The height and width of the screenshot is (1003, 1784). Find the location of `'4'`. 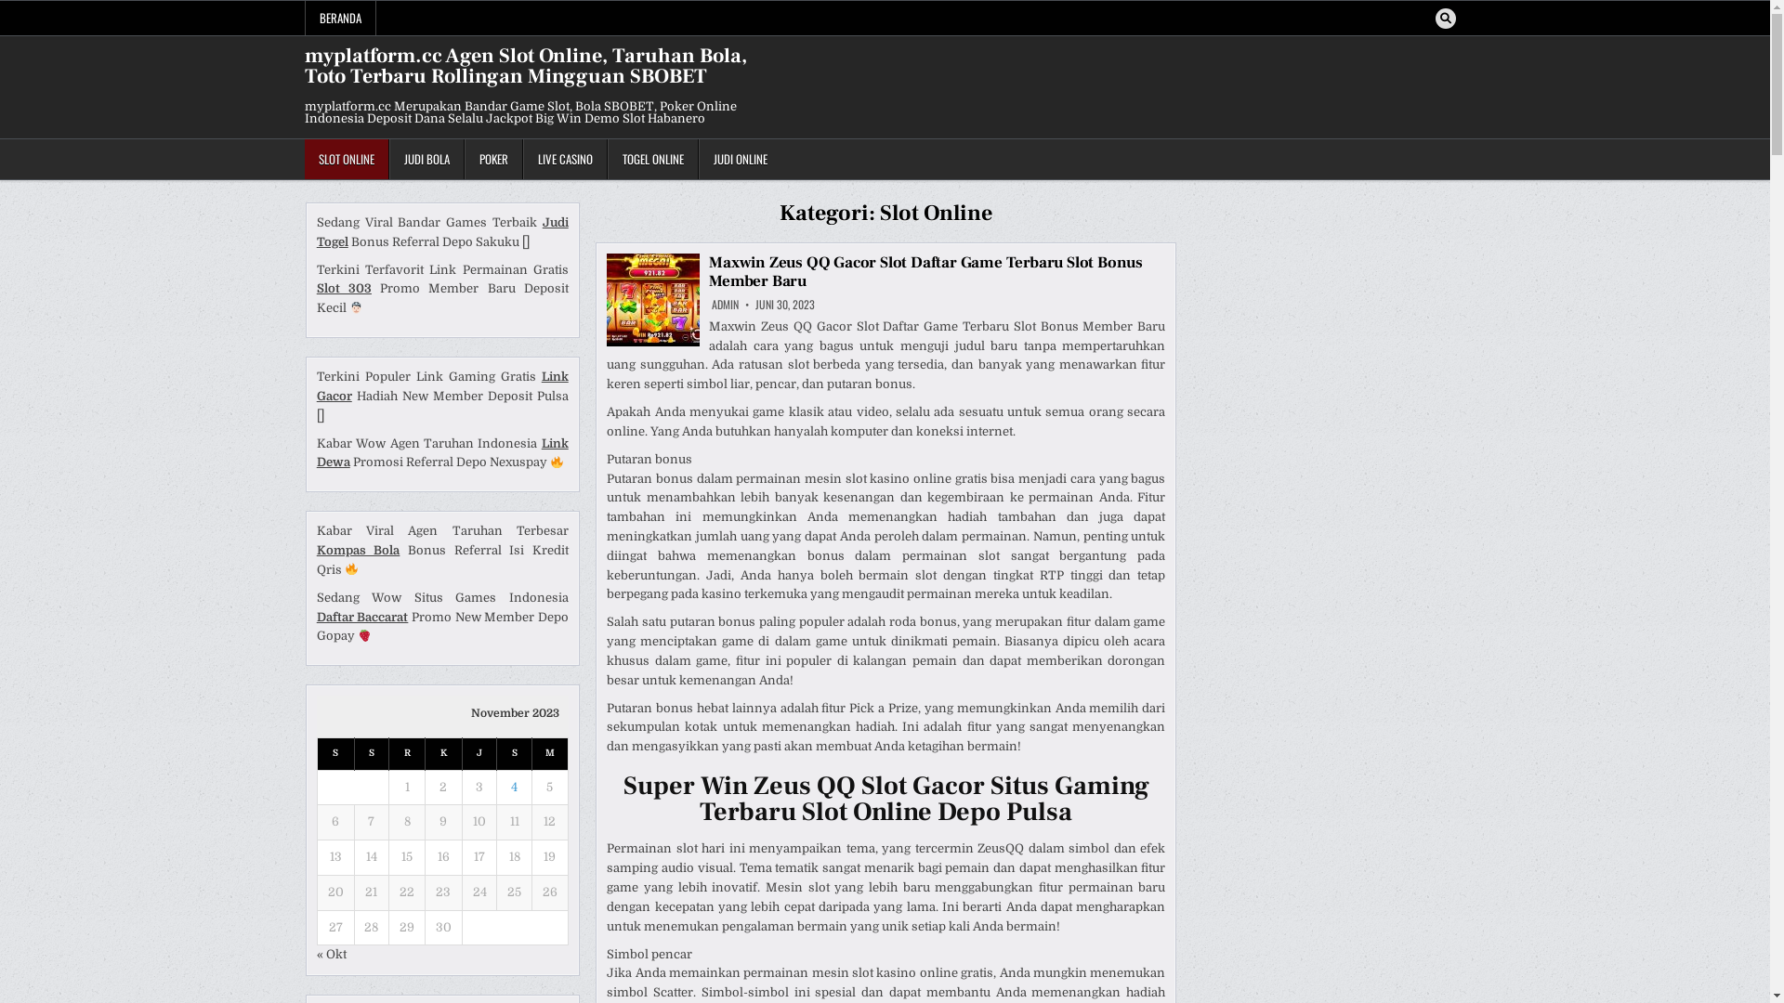

'4' is located at coordinates (514, 787).